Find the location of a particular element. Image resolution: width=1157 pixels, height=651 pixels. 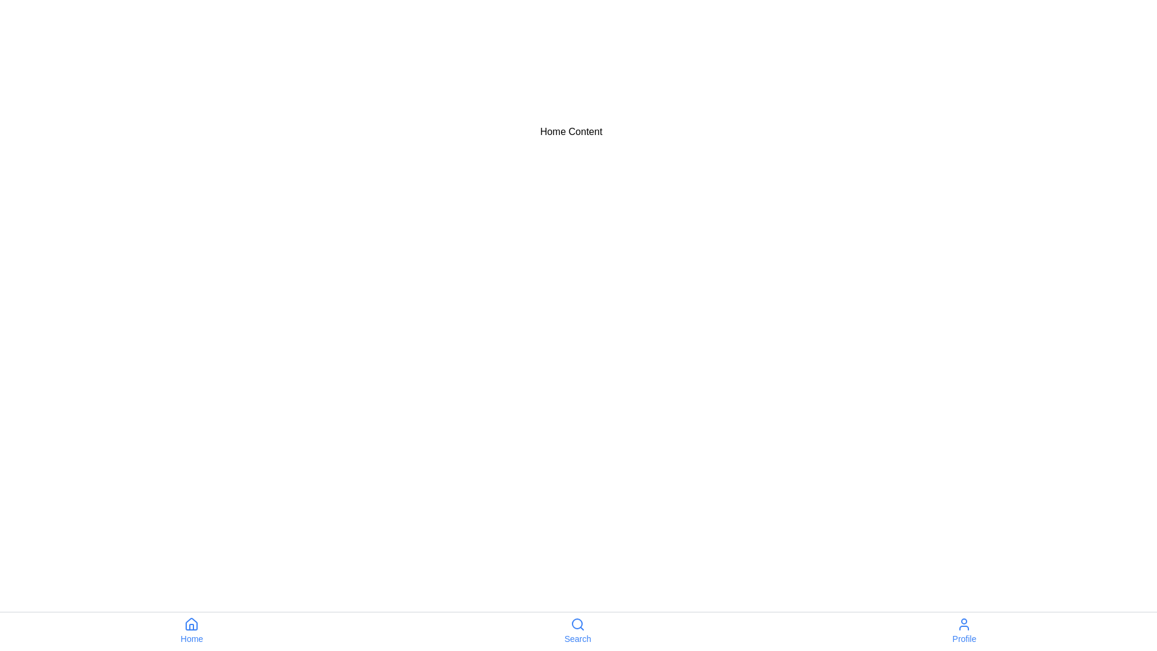

the house icon button in the bottom navigation bar is located at coordinates (191, 624).